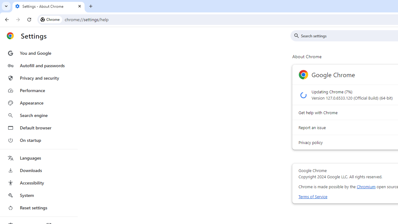 The image size is (398, 224). What do you see at coordinates (366, 186) in the screenshot?
I see `'Chromium'` at bounding box center [366, 186].